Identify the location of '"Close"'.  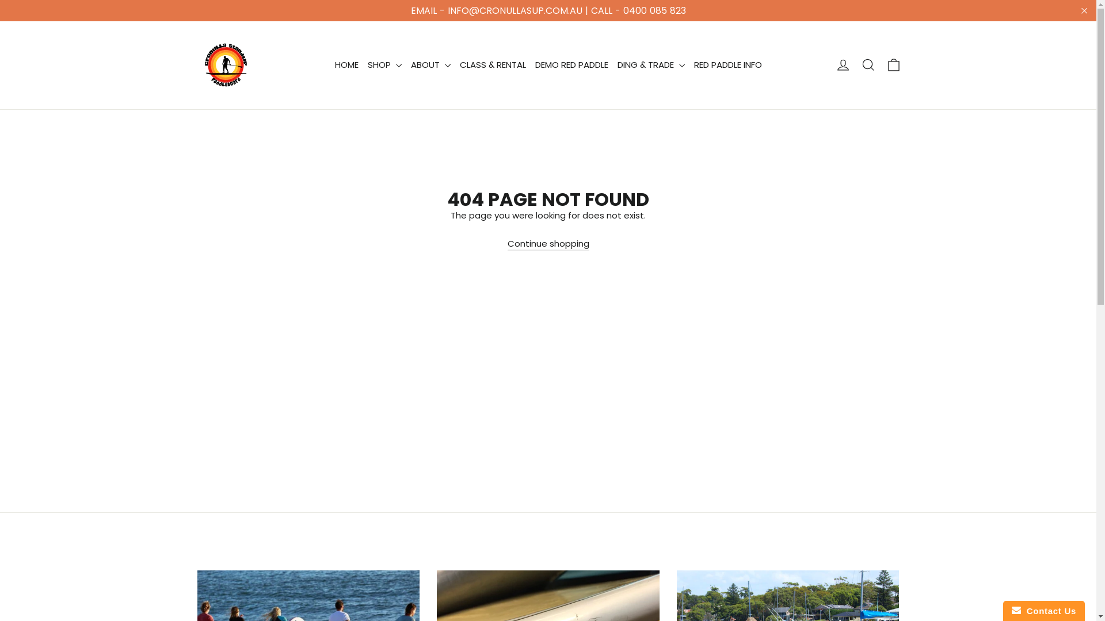
(1083, 10).